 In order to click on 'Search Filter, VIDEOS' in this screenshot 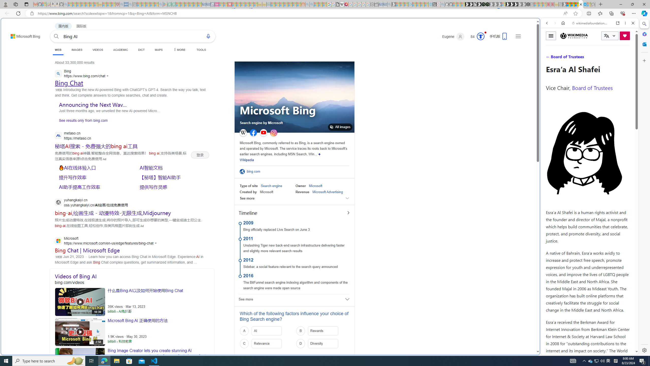, I will do `click(580, 58)`.